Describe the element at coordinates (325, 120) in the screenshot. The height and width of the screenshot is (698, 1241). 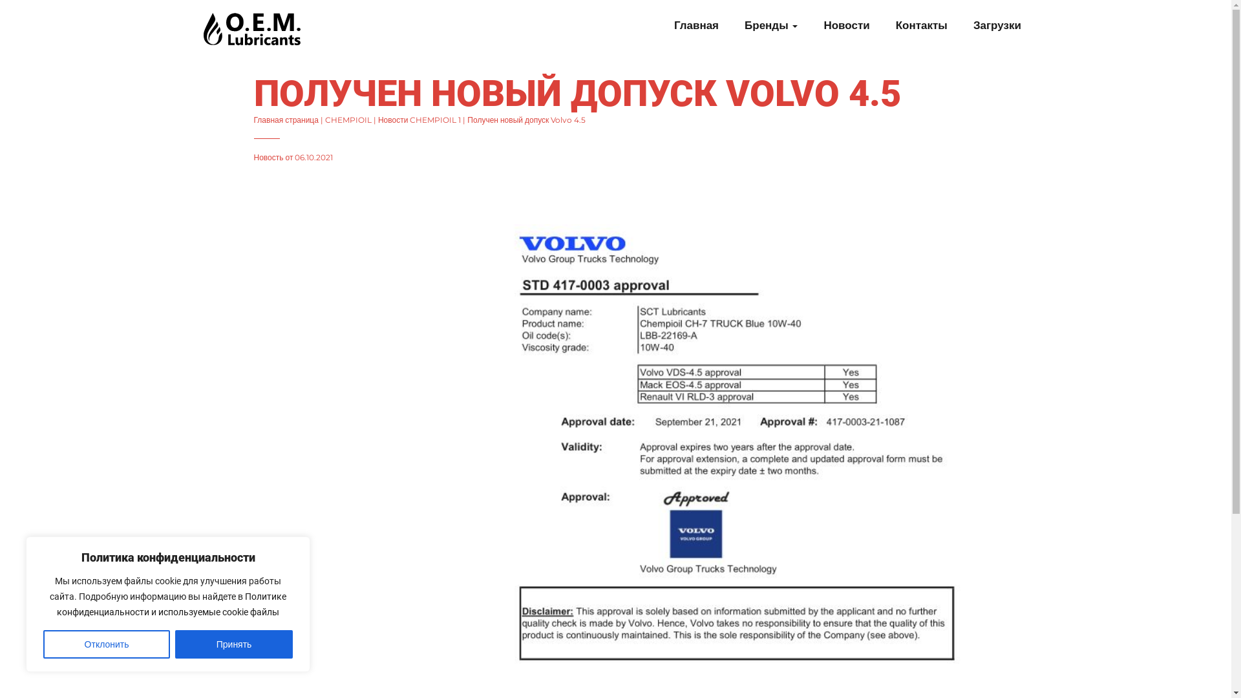
I see `'CHEMPIOIL'` at that location.